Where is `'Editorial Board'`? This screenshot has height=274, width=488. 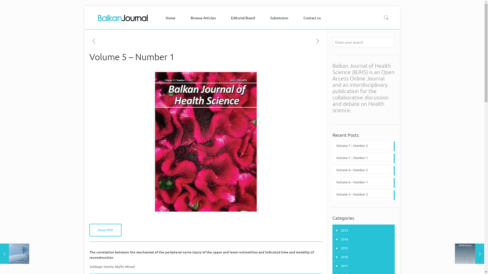 'Editorial Board' is located at coordinates (225, 17).